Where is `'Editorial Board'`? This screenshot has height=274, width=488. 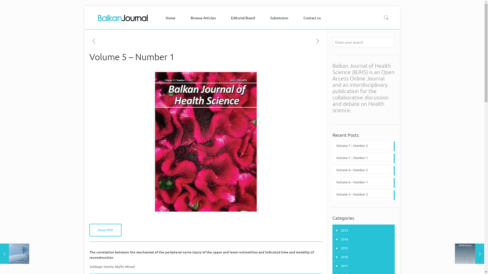 'Editorial Board' is located at coordinates (225, 17).